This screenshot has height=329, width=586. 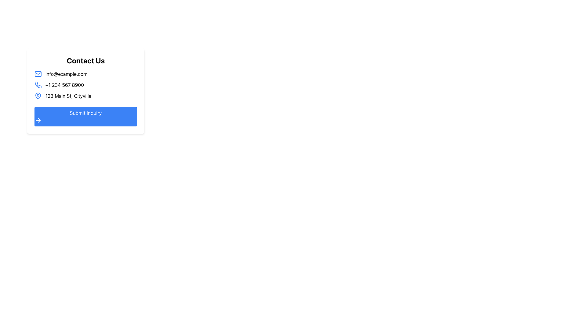 What do you see at coordinates (85, 116) in the screenshot?
I see `the 'Submit Inquiry' button located at the bottom of the contact section under the address '123 Main St, Cityville'` at bounding box center [85, 116].